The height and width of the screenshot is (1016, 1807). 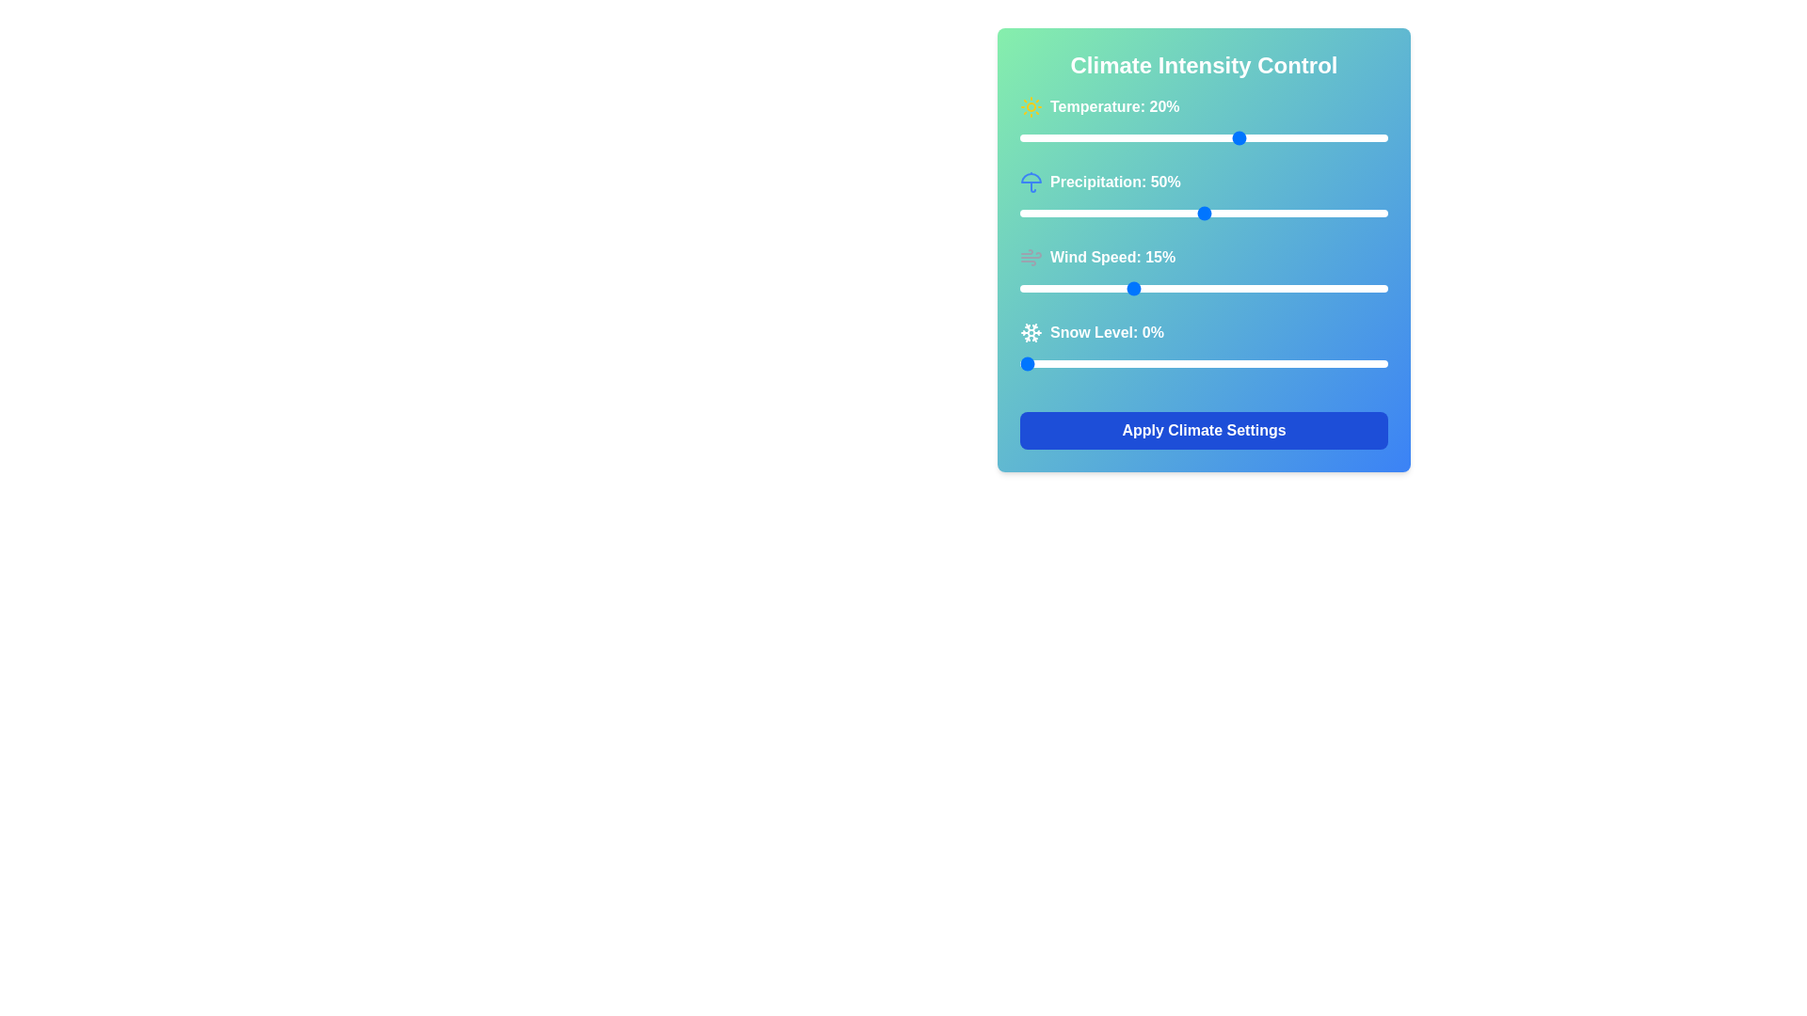 What do you see at coordinates (1203, 197) in the screenshot?
I see `the slider control displaying 'Precipitation: 50%' to change its position` at bounding box center [1203, 197].